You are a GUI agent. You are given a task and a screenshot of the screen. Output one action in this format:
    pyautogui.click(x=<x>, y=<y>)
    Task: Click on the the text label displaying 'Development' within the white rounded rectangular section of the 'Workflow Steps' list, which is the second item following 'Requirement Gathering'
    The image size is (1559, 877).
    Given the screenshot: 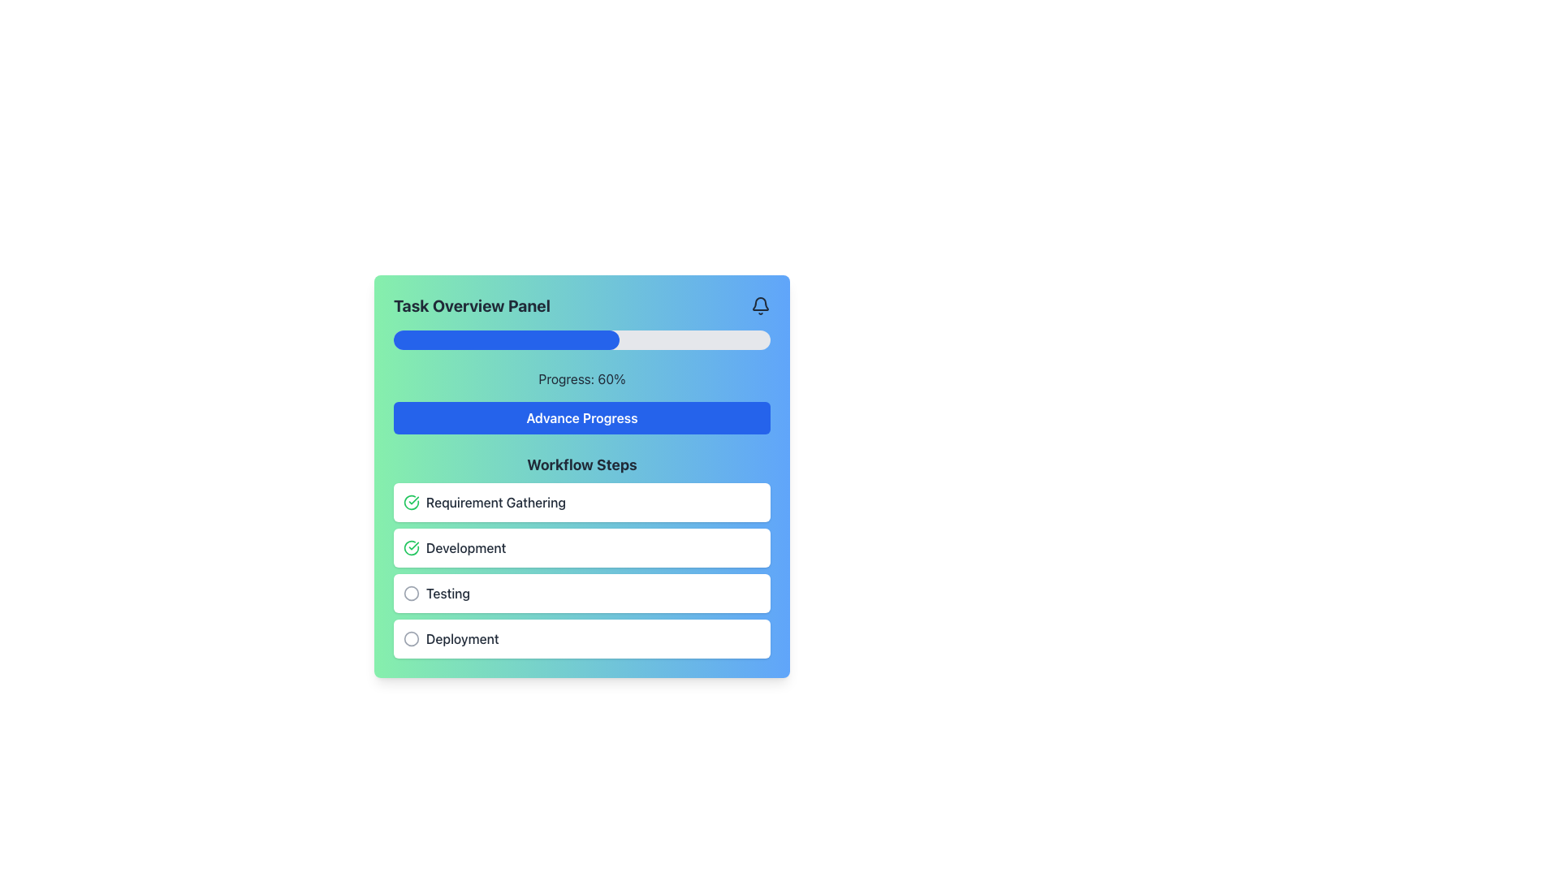 What is the action you would take?
    pyautogui.click(x=465, y=548)
    